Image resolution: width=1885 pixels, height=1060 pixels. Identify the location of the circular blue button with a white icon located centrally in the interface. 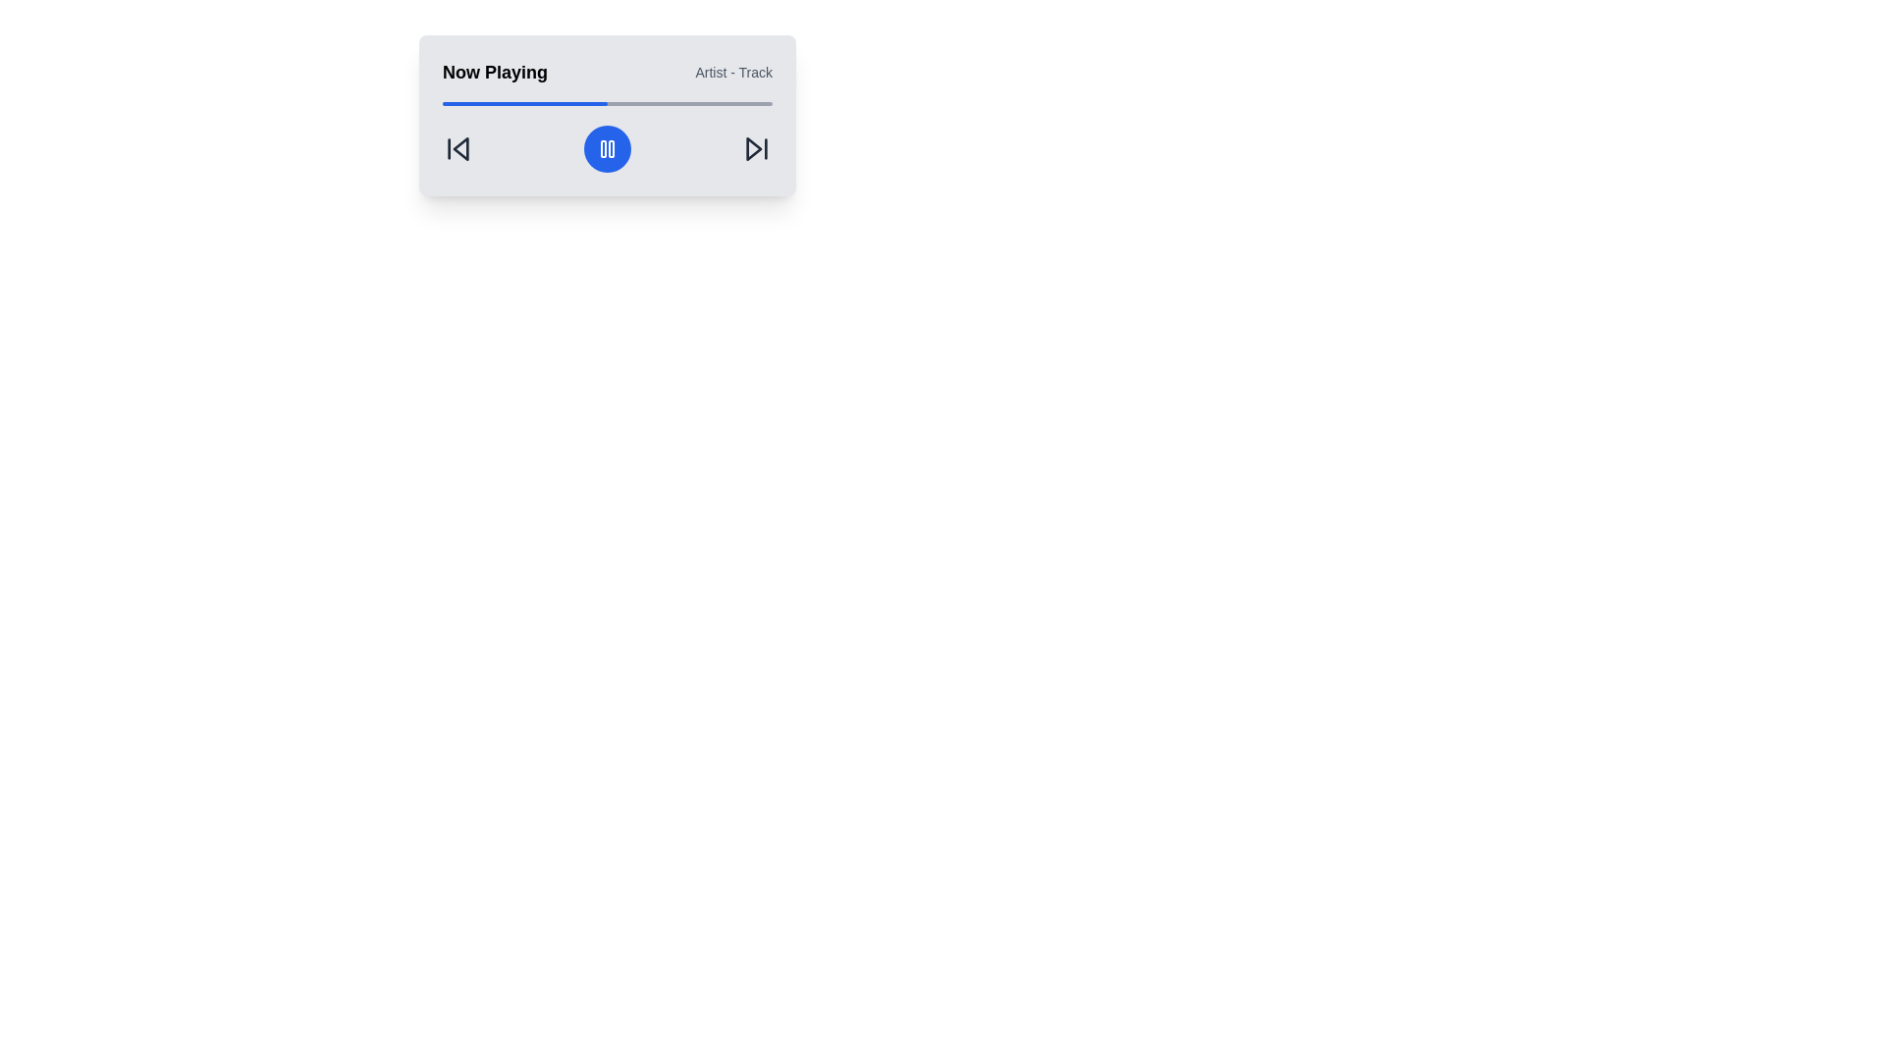
(607, 147).